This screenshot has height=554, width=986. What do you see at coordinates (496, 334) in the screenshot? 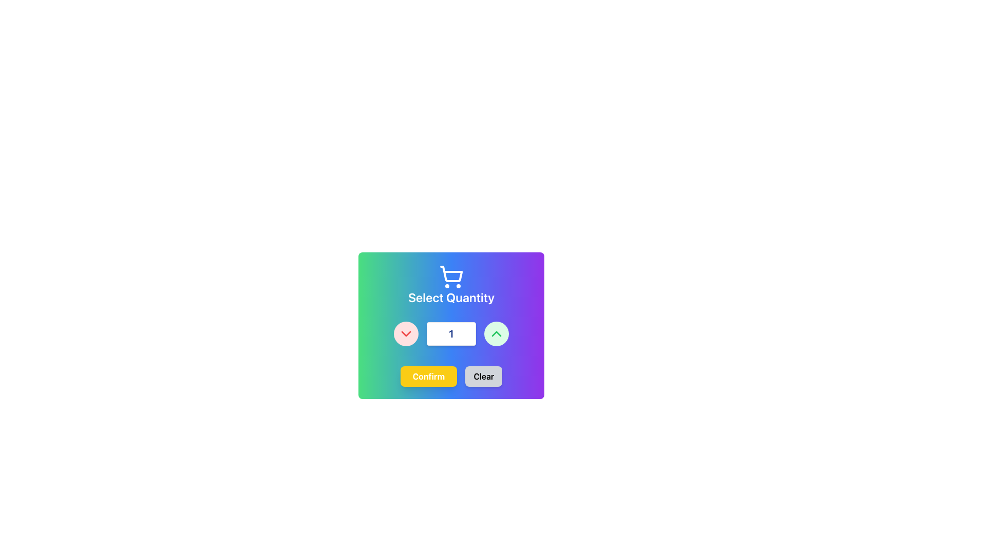
I see `the circular button containing a green upward-pointing chevron-style arrow` at bounding box center [496, 334].